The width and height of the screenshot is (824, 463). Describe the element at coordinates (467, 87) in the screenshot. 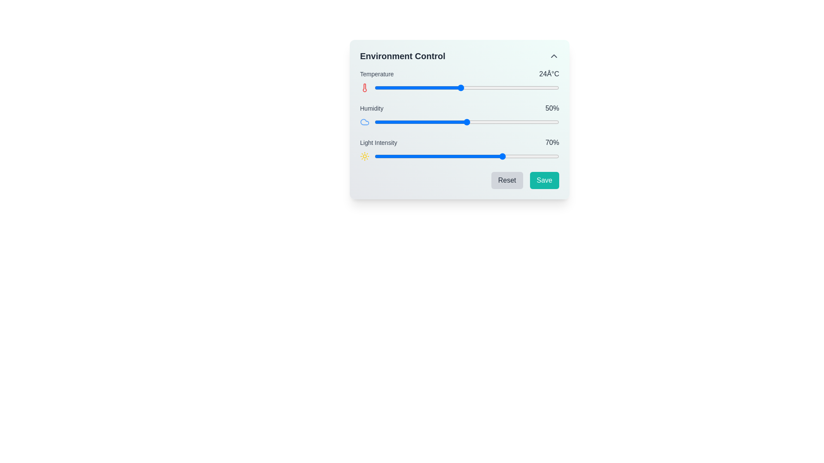

I see `the thumb of the Temperature slider` at that location.